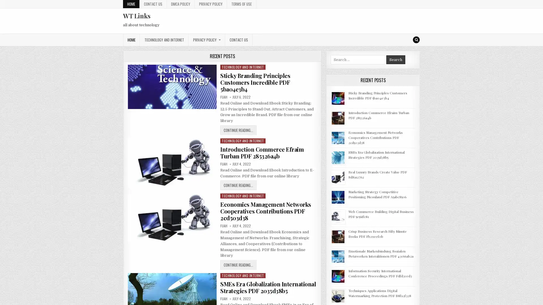 The image size is (543, 305). Describe the element at coordinates (395, 60) in the screenshot. I see `Search` at that location.